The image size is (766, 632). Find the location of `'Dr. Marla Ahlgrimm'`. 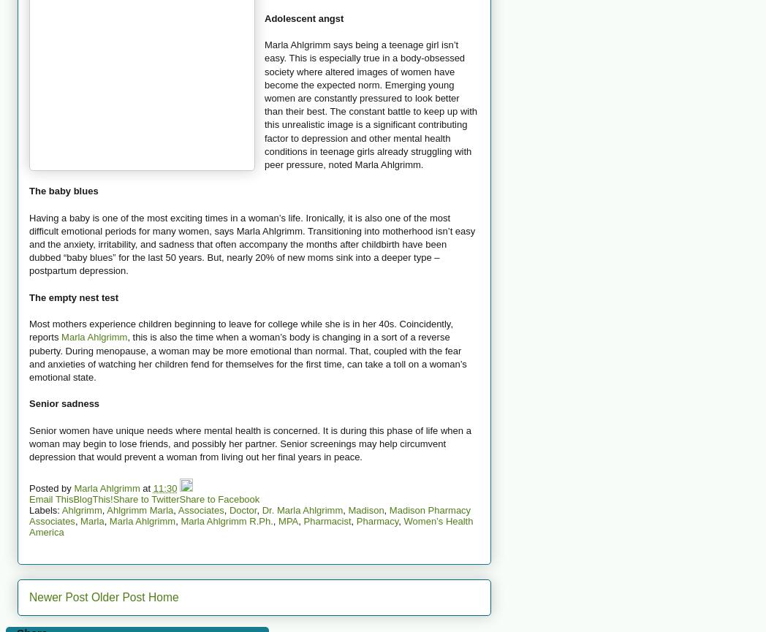

'Dr. Marla Ahlgrimm' is located at coordinates (260, 509).